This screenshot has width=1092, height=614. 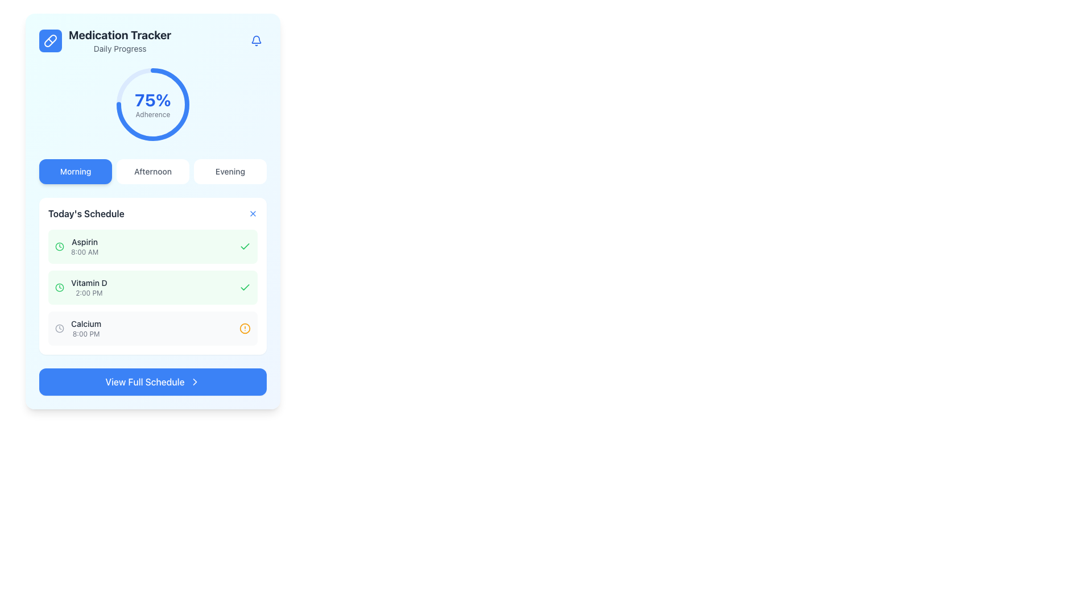 What do you see at coordinates (152, 105) in the screenshot?
I see `the percentage value displayed in the center of the circular progress indicator, which shows '75%' for adherence under the 'Medication Tracker' section` at bounding box center [152, 105].